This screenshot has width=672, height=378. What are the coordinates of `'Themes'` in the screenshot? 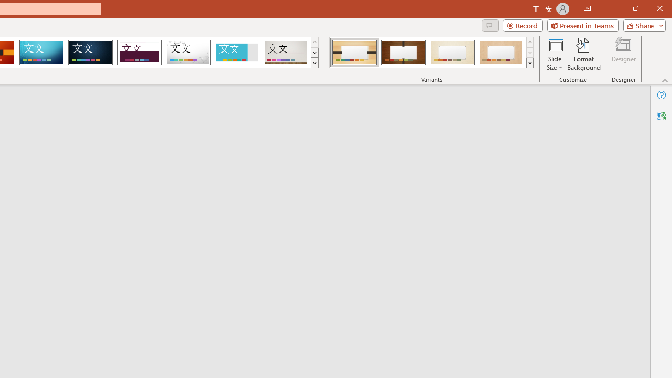 It's located at (314, 63).